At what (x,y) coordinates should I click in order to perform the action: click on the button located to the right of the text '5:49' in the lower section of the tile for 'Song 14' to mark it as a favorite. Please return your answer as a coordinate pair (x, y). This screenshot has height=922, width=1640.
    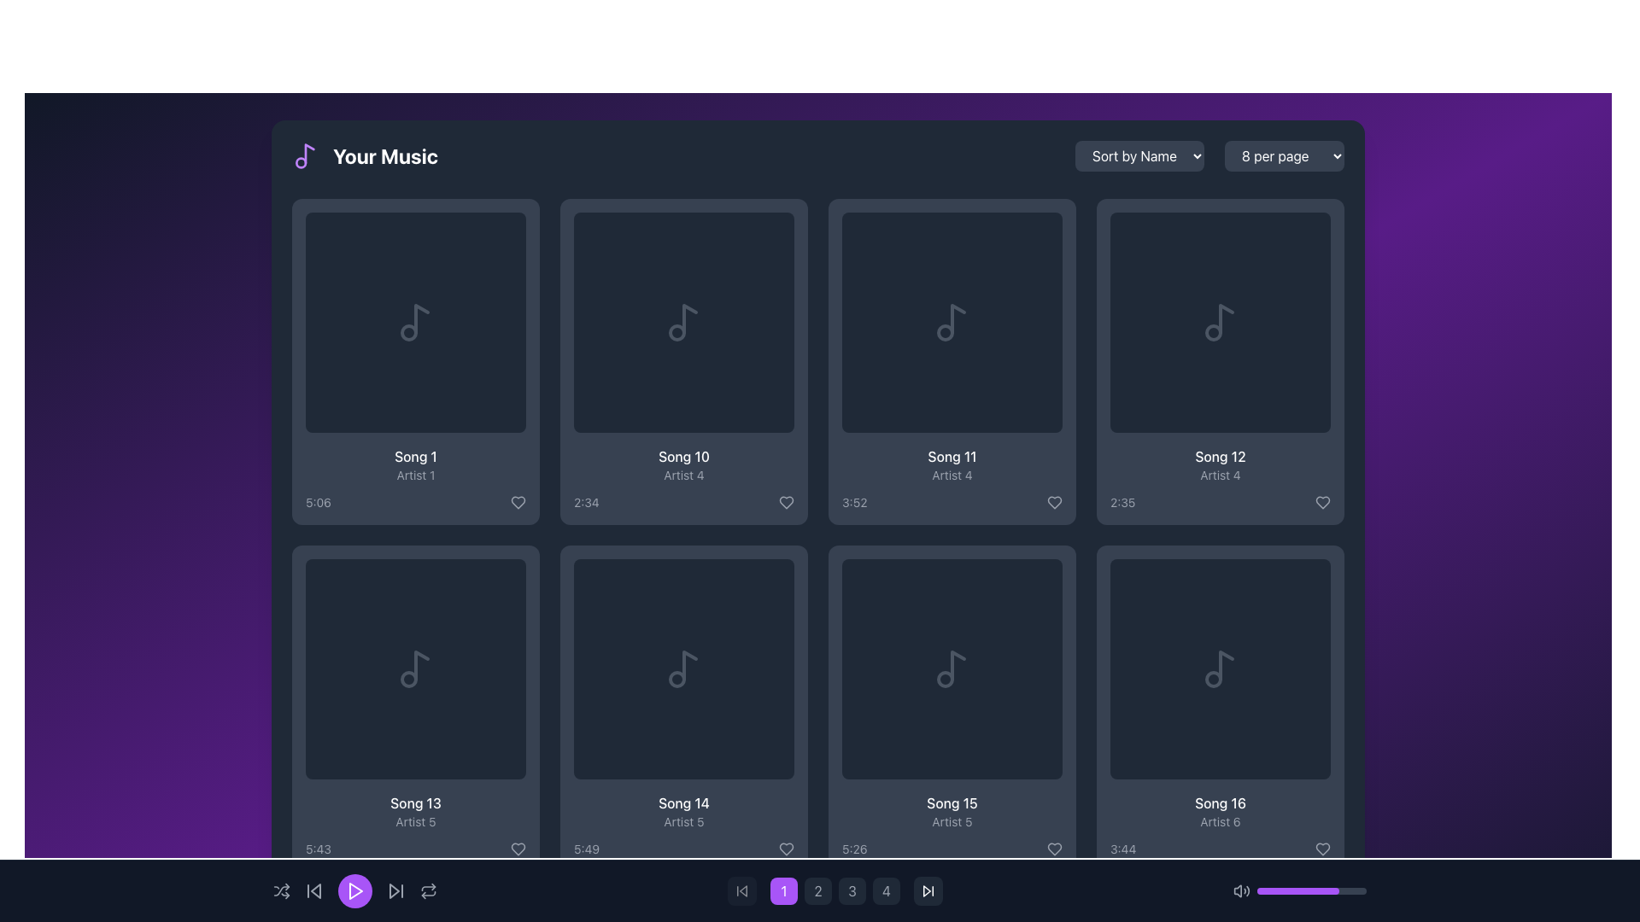
    Looking at the image, I should click on (786, 849).